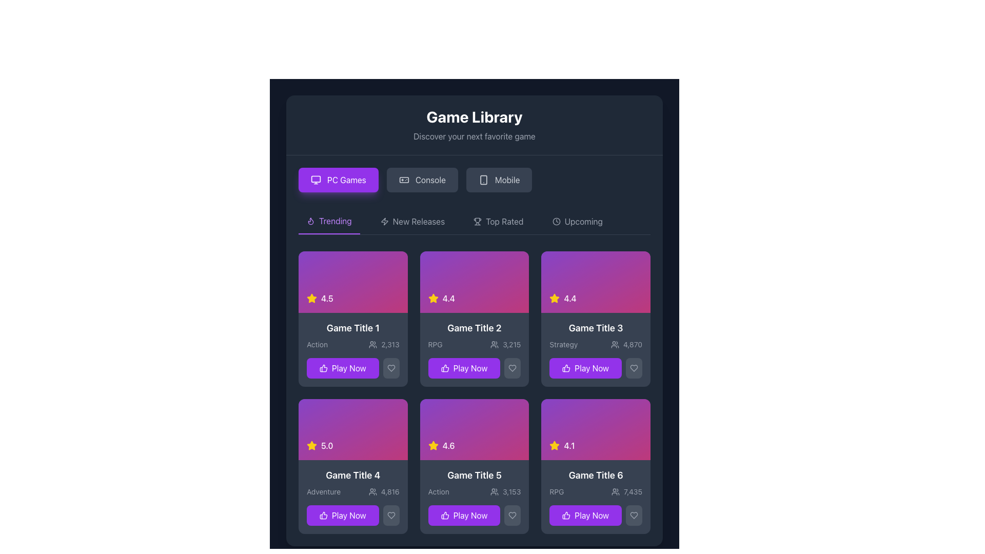 The image size is (985, 554). What do you see at coordinates (556, 221) in the screenshot?
I see `the SVG Circle located in the top-center area of the interface, adjacent to the 'New Releases' and 'Trending' tabs` at bounding box center [556, 221].